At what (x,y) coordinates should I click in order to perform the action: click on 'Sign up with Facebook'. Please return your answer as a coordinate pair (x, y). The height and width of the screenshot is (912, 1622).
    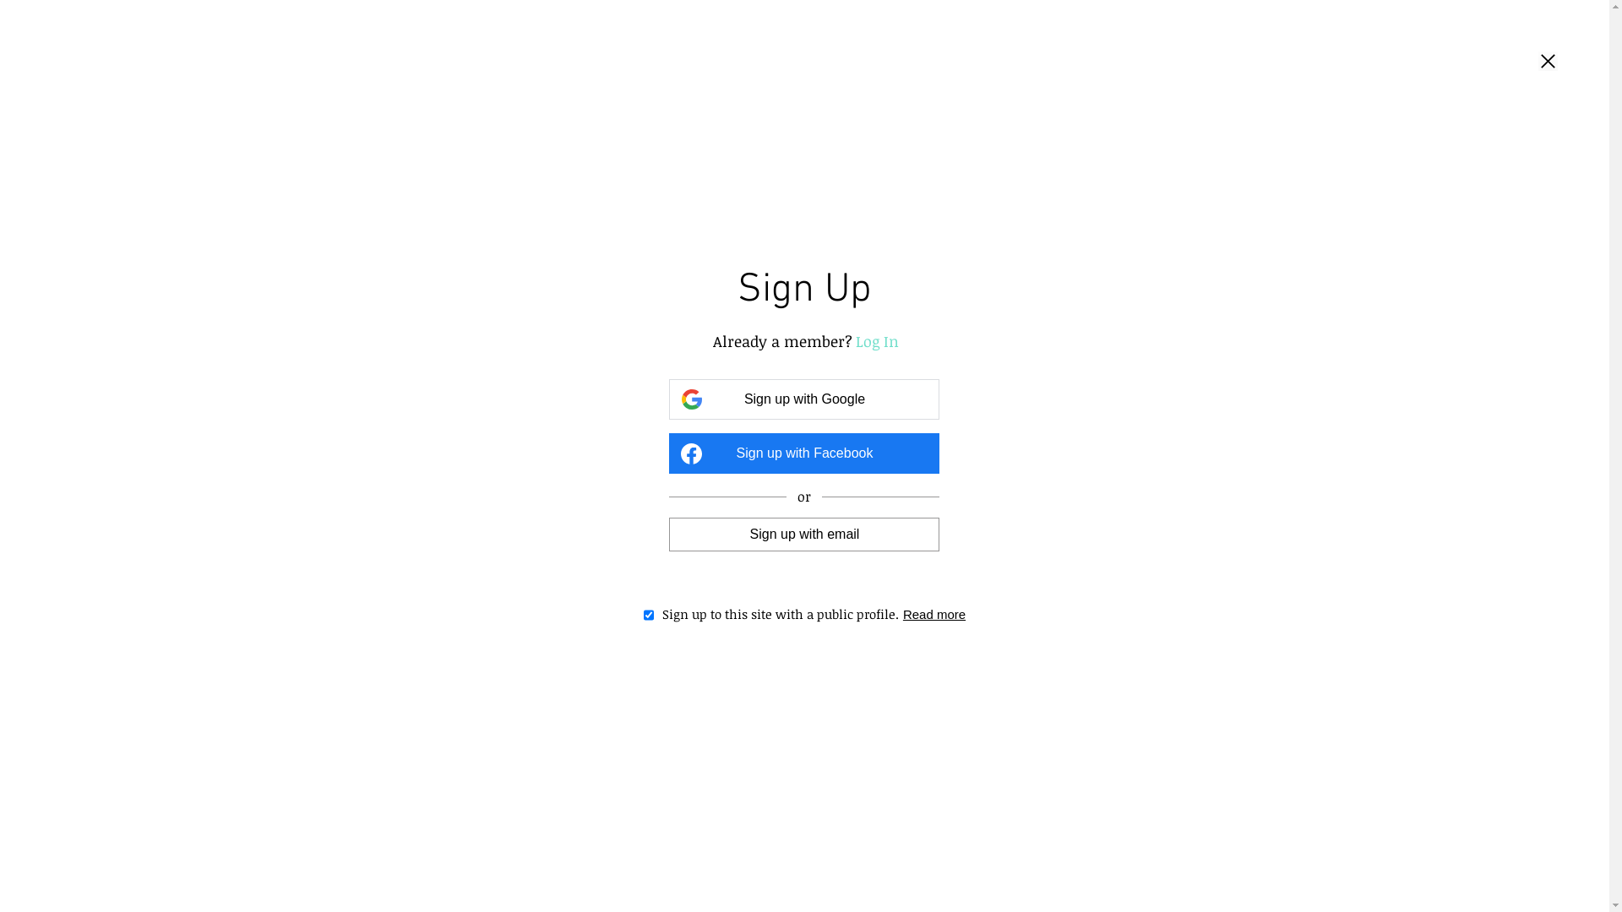
    Looking at the image, I should click on (803, 452).